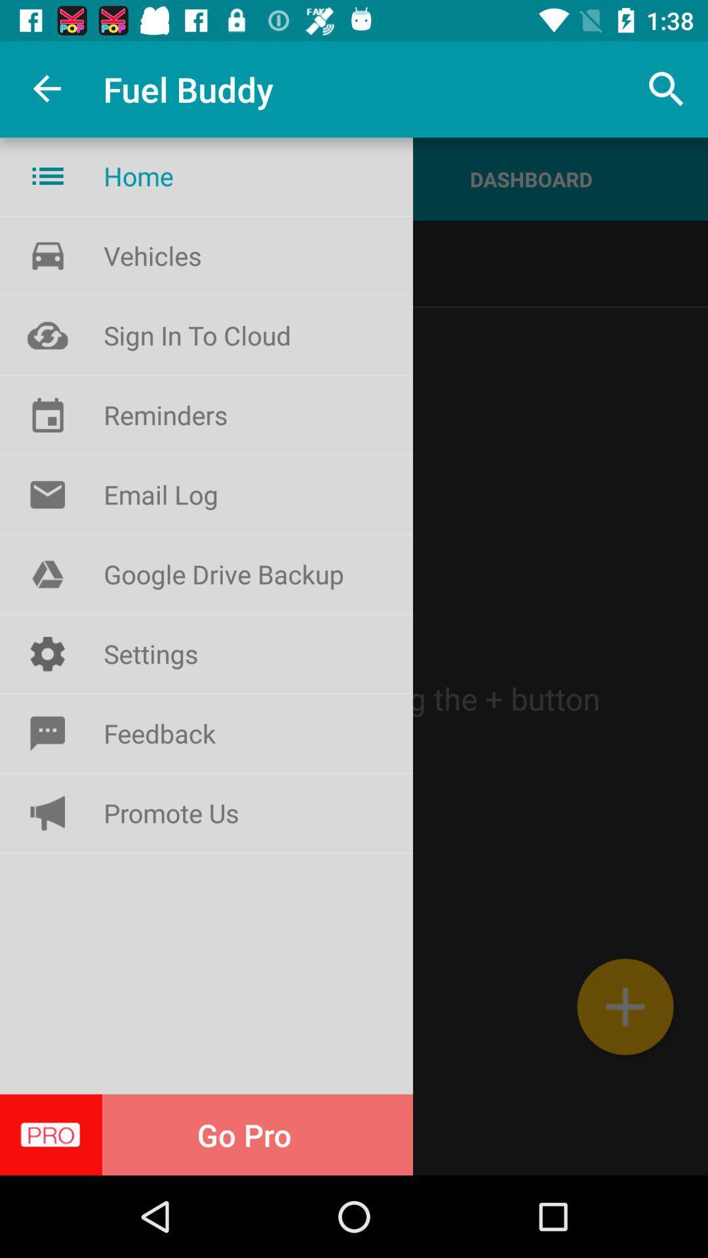 The width and height of the screenshot is (708, 1258). I want to click on the symbol beside promote us, so click(47, 812).